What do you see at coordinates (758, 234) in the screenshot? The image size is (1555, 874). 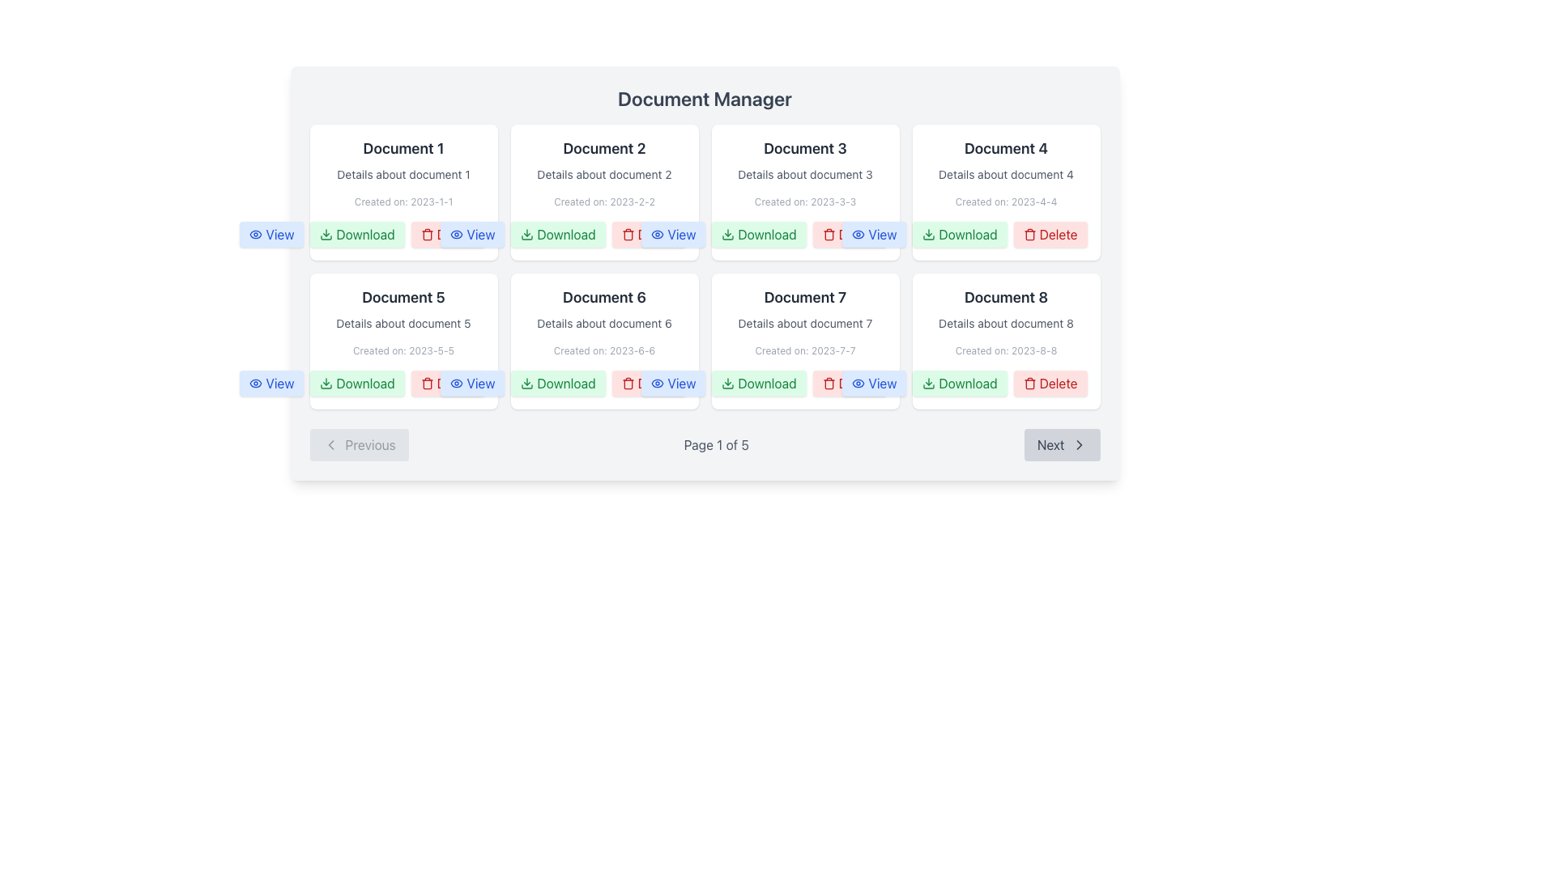 I see `the middle button in the horizontal group of three buttons beneath 'Document 3' in the 'Document Manager' interface to initiate a download` at bounding box center [758, 234].